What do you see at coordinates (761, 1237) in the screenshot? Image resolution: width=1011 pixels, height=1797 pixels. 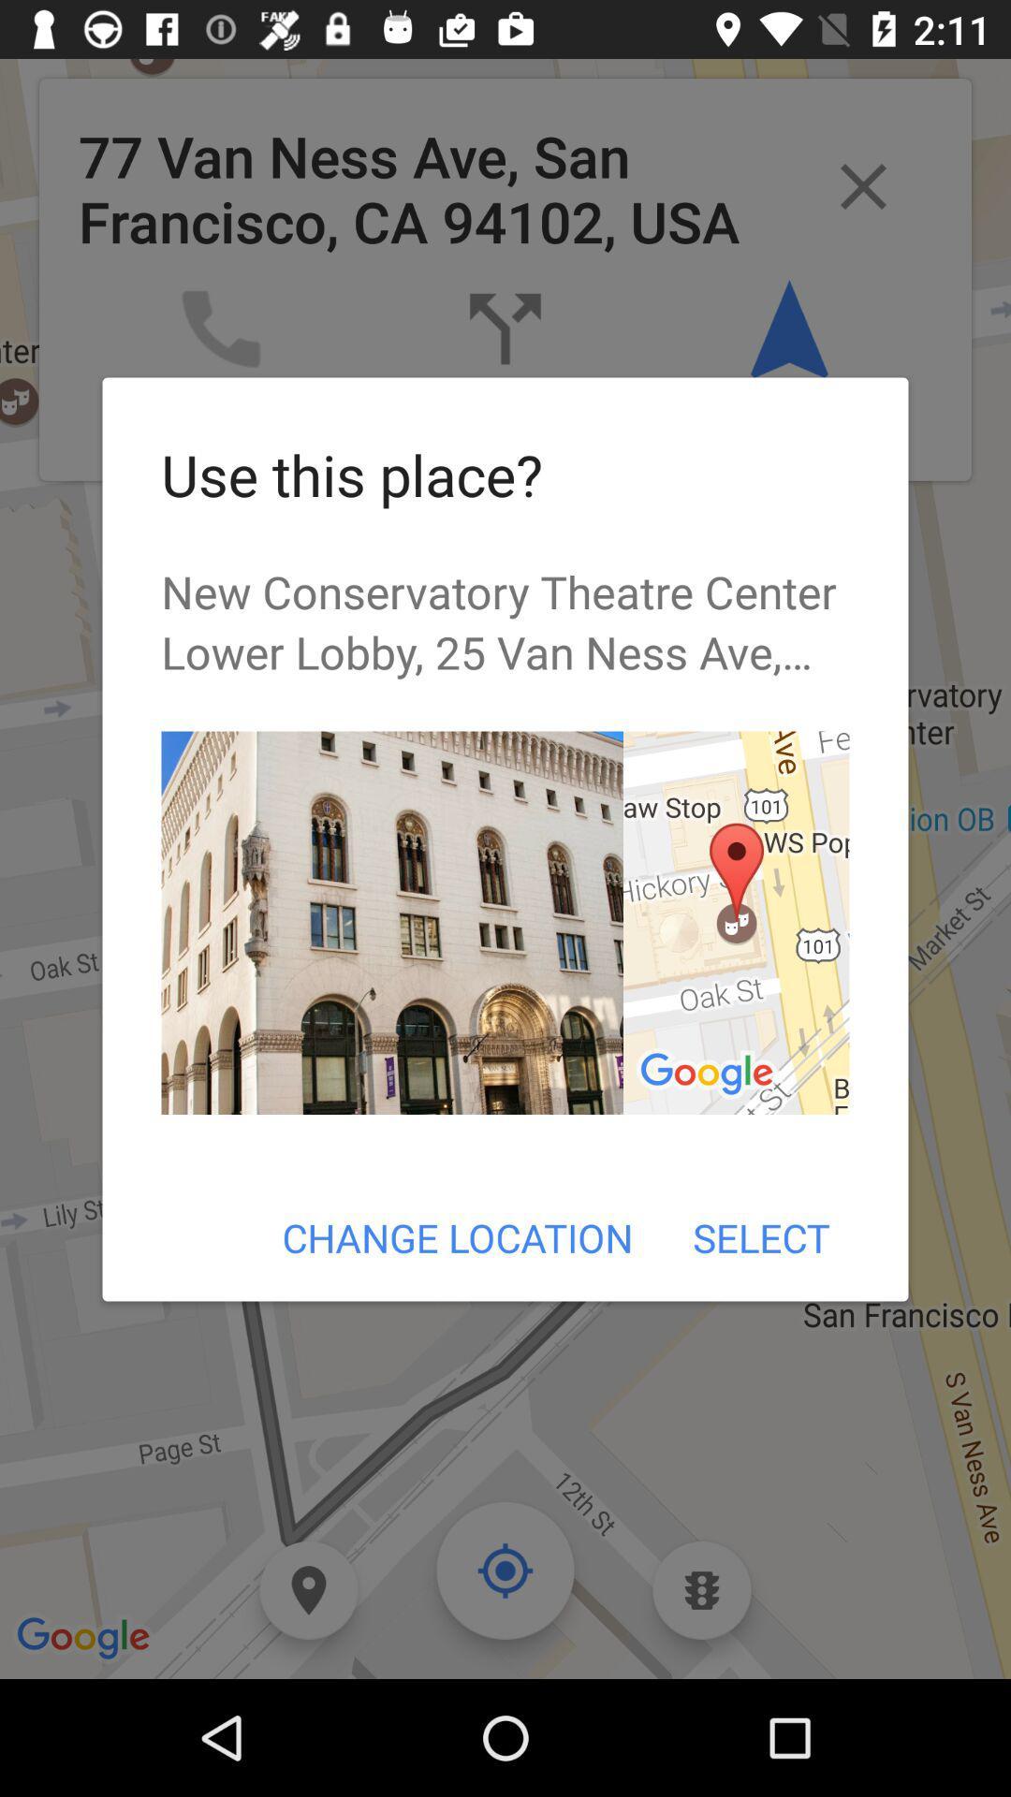 I see `select item` at bounding box center [761, 1237].